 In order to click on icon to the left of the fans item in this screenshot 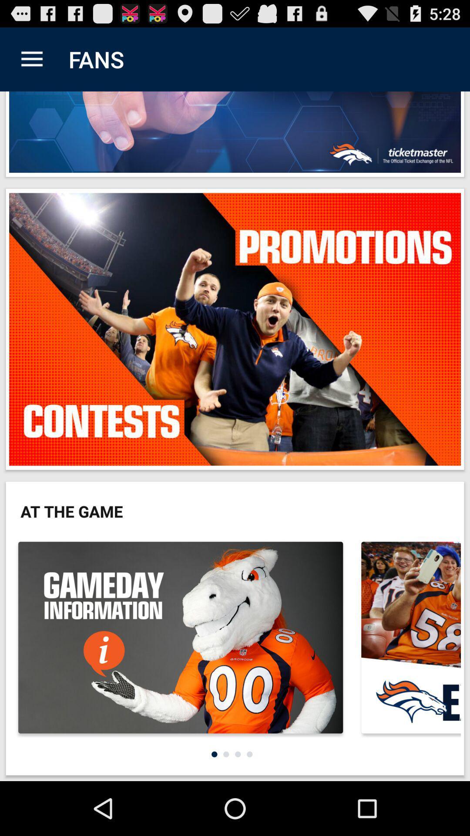, I will do `click(31, 59)`.